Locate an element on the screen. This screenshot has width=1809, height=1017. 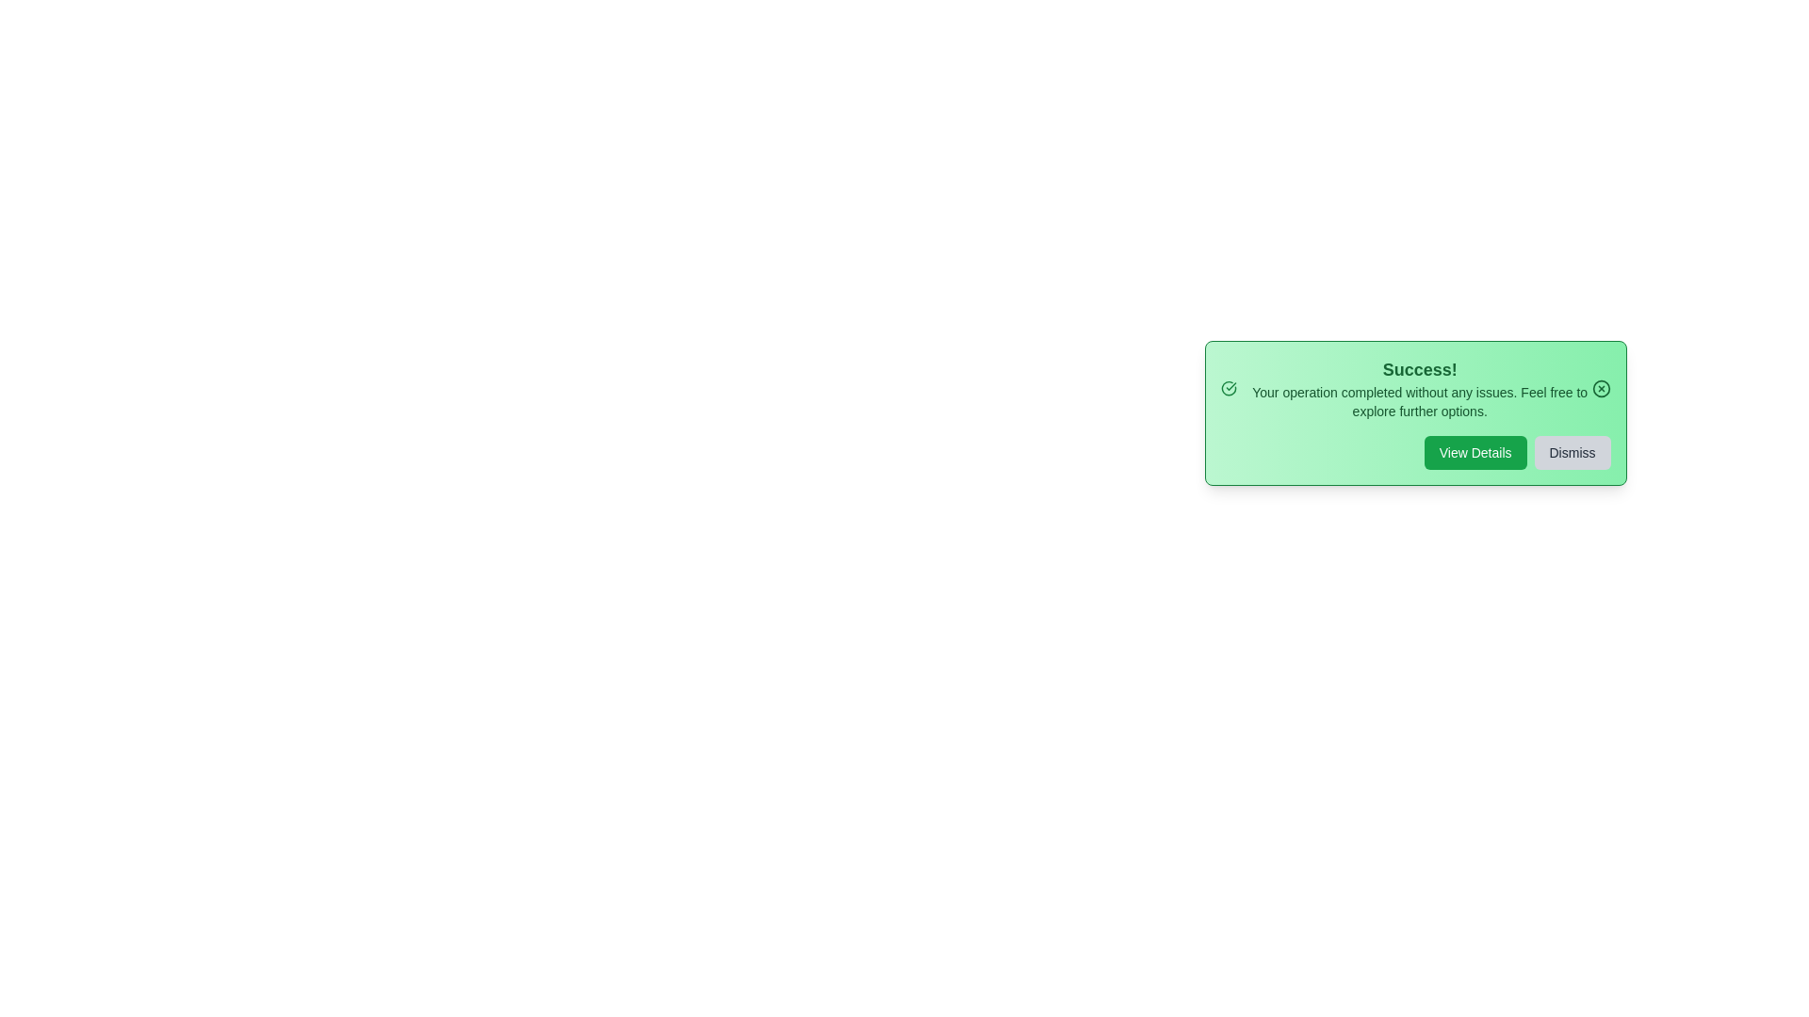
the 'Dismiss' button is located at coordinates (1573, 453).